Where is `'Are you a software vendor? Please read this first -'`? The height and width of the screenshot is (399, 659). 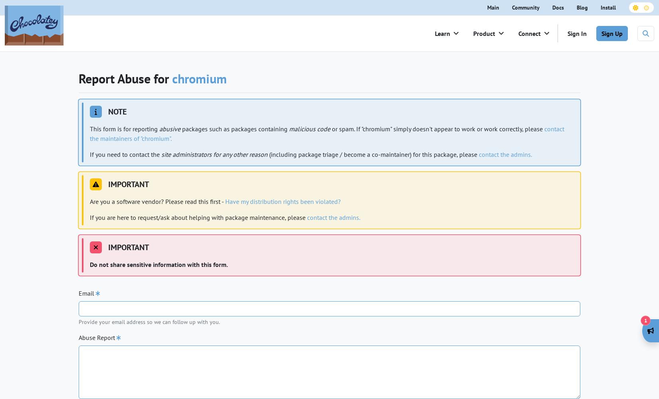
'Are you a software vendor? Please read this first -' is located at coordinates (157, 201).